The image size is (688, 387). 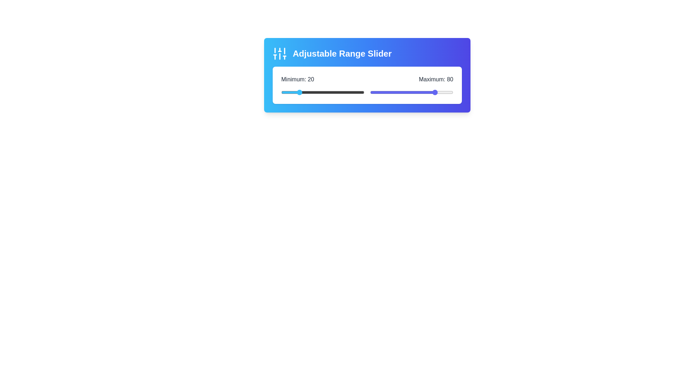 What do you see at coordinates (386, 92) in the screenshot?
I see `the slider` at bounding box center [386, 92].